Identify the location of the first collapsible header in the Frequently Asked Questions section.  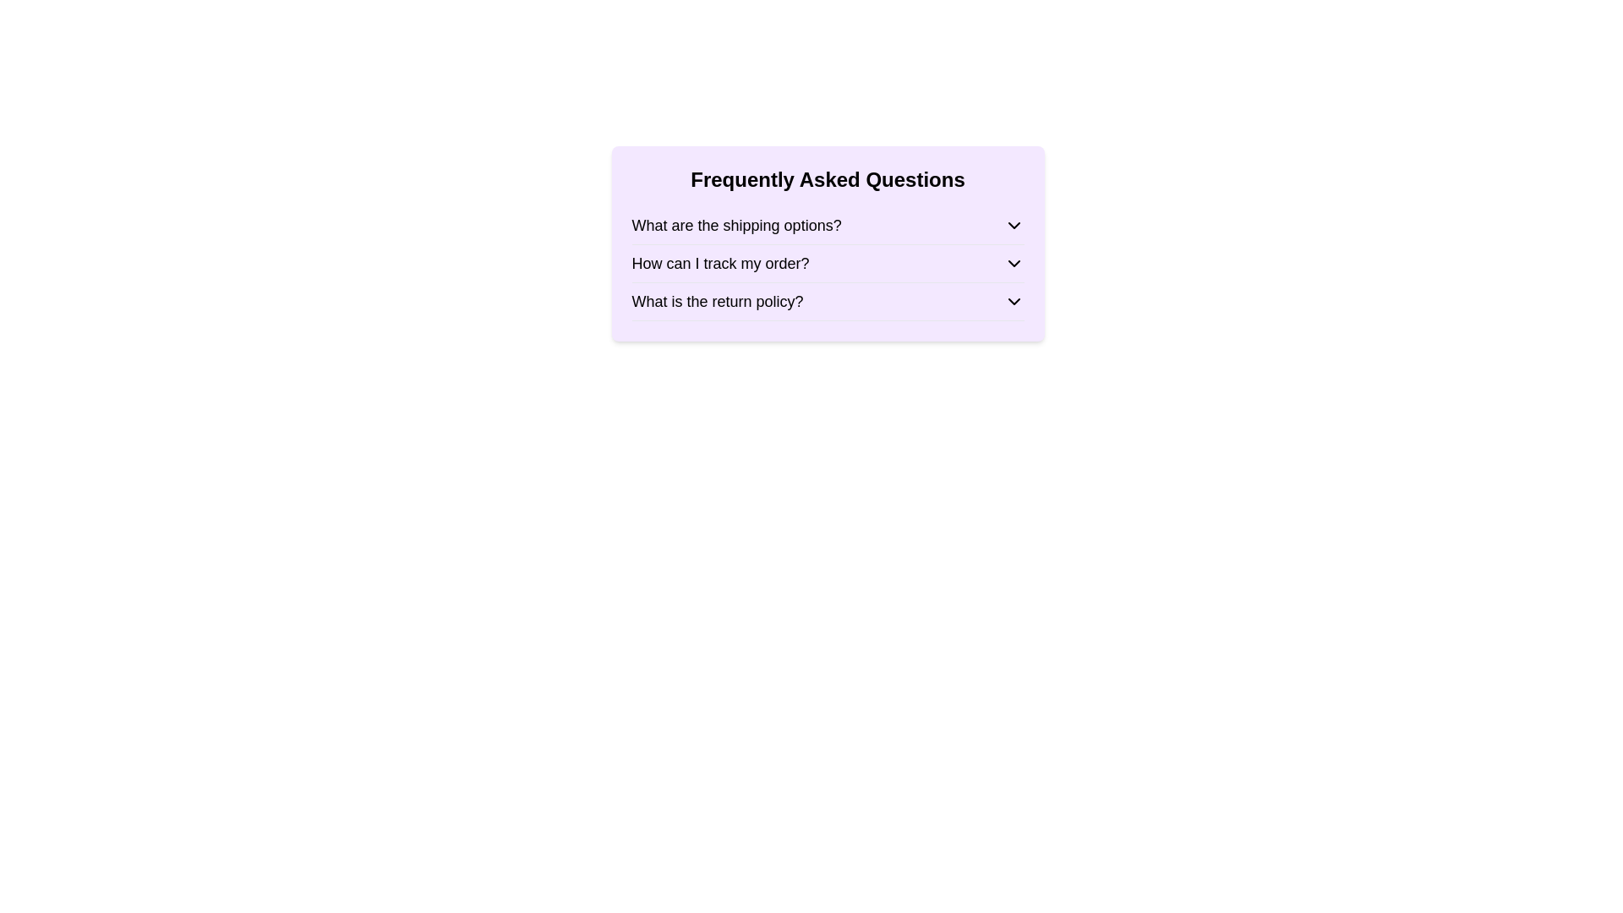
(828, 225).